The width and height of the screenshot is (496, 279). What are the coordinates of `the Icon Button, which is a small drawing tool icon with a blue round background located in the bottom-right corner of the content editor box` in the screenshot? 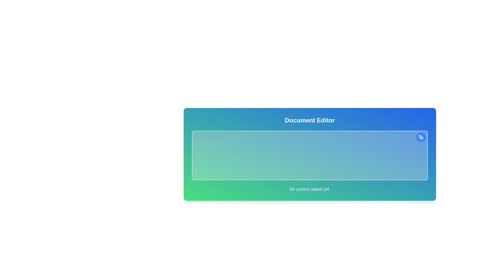 It's located at (421, 137).